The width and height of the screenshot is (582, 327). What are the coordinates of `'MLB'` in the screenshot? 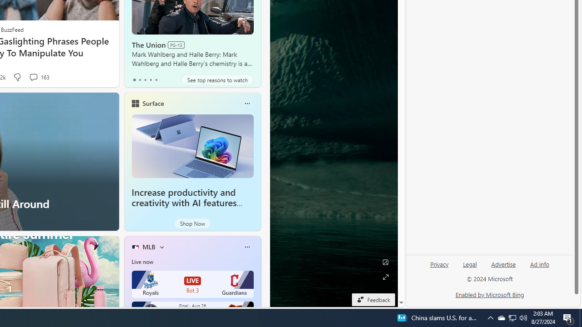 It's located at (149, 247).